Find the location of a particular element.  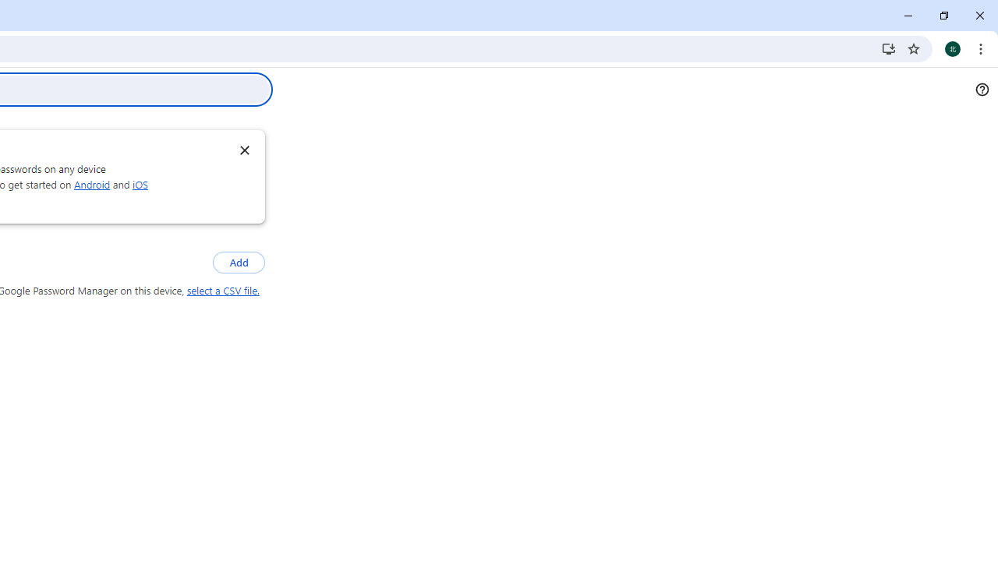

'Android' is located at coordinates (90, 183).